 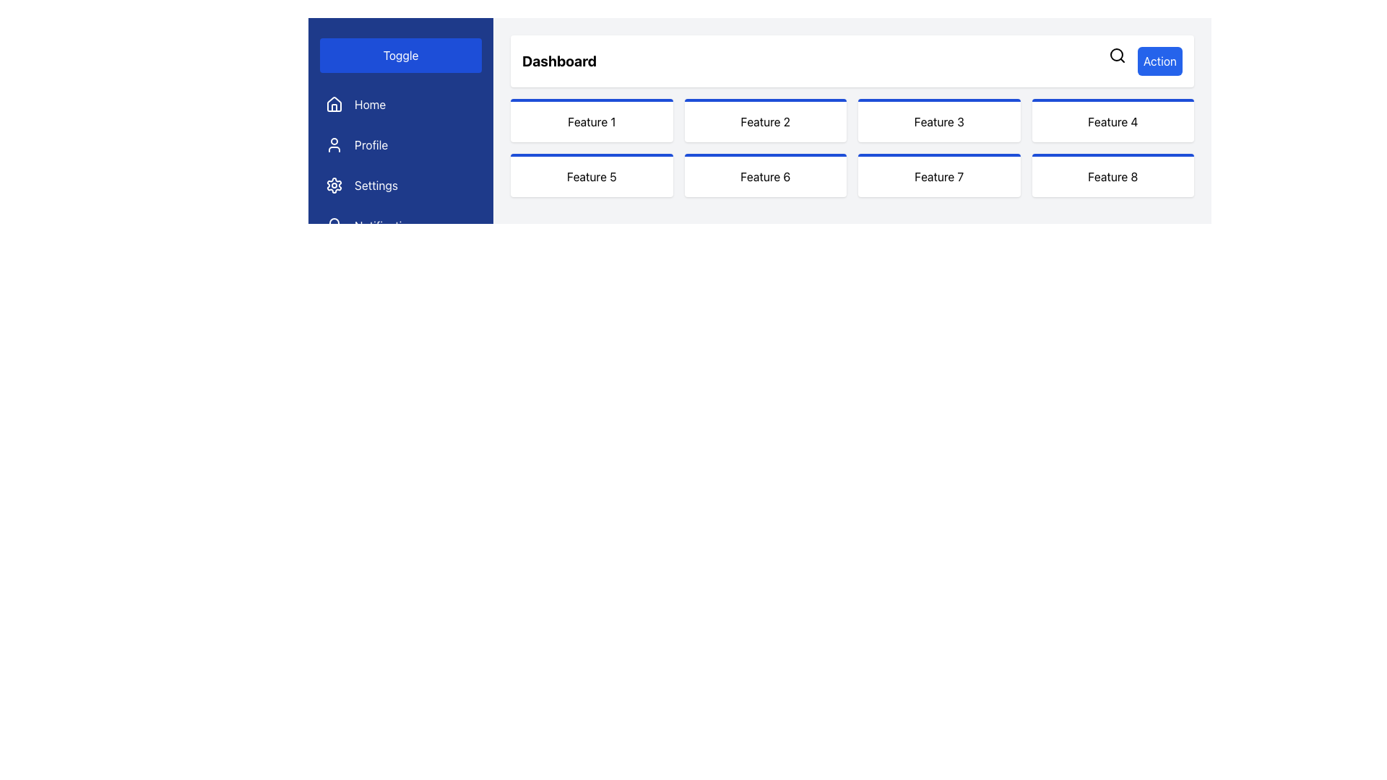 What do you see at coordinates (333, 104) in the screenshot?
I see `the house-shaped SVG icon with a white outline over a blue background, located under the 'Toggle' button in the vertical menu` at bounding box center [333, 104].